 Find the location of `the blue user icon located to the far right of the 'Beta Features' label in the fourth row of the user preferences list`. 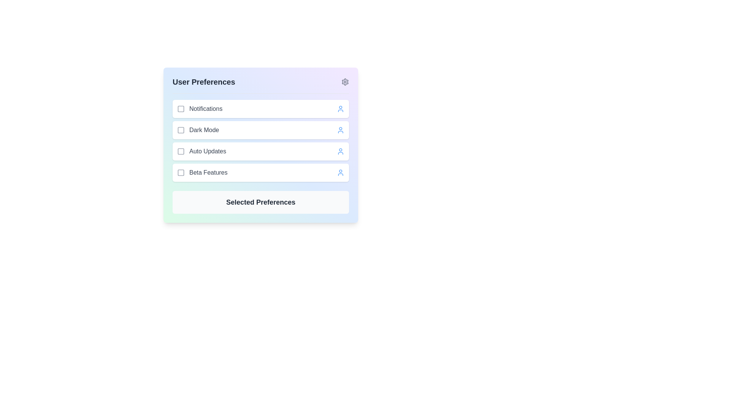

the blue user icon located to the far right of the 'Beta Features' label in the fourth row of the user preferences list is located at coordinates (340, 173).